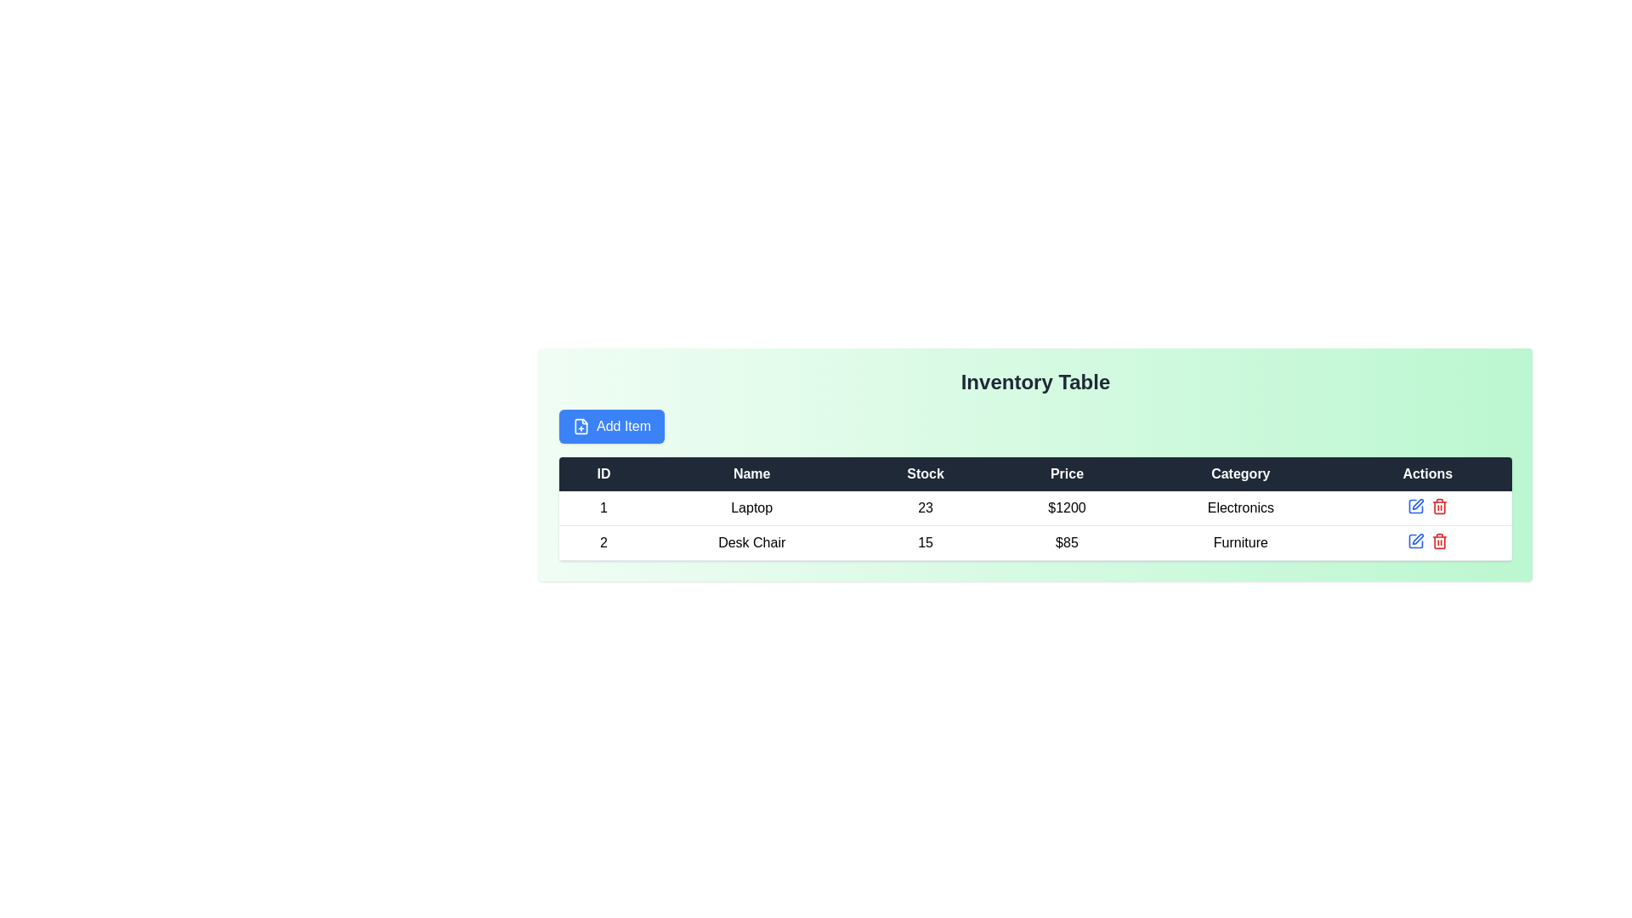 Image resolution: width=1632 pixels, height=918 pixels. What do you see at coordinates (581, 425) in the screenshot?
I see `the decorative element that is a white, bordered rectangle resembling a folded page, part of the 'Add Item' button on the UI` at bounding box center [581, 425].